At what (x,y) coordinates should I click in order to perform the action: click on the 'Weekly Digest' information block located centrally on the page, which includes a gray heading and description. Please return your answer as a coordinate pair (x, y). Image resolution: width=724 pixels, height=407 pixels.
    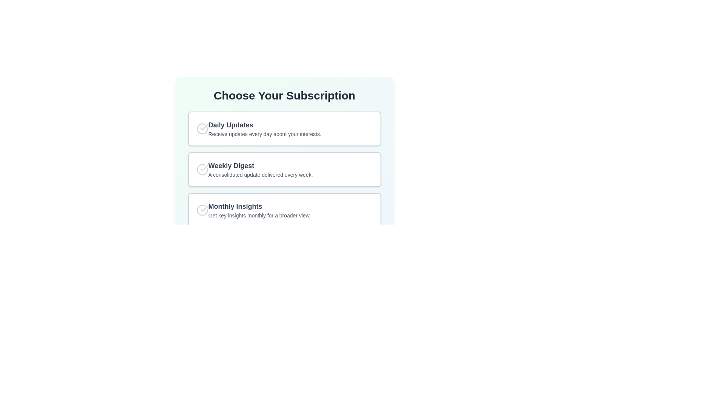
    Looking at the image, I should click on (284, 170).